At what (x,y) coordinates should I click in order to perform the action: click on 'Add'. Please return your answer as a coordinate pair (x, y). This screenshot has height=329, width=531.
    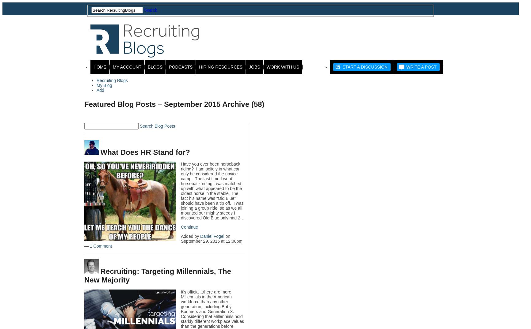
    Looking at the image, I should click on (100, 90).